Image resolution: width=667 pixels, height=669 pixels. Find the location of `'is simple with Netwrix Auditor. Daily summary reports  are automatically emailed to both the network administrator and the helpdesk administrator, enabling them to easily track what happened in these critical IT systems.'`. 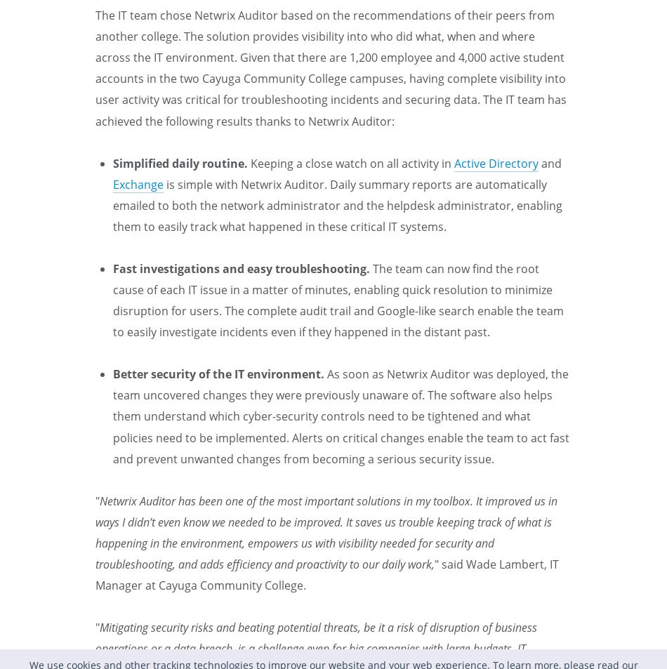

'is simple with Netwrix Auditor. Daily summary reports  are automatically emailed to both the network administrator and the helpdesk administrator, enabling them to easily track what happened in these critical IT systems.' is located at coordinates (113, 204).